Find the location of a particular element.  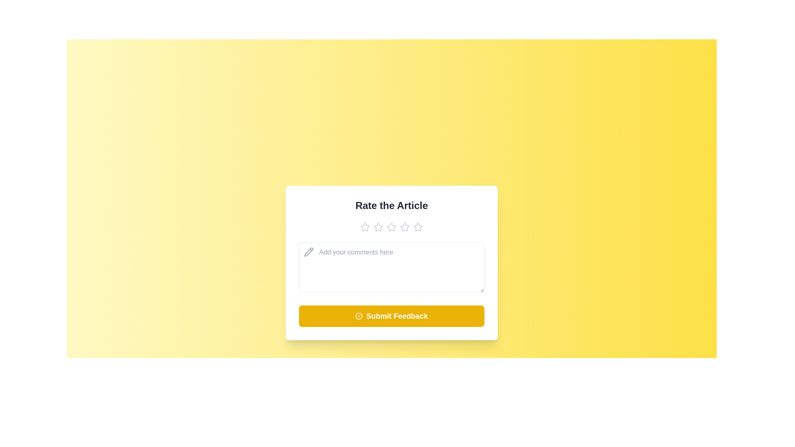

the Header text element located at the upper portion of a white panel with a yellow gradient background, which serves as a title for the rating functionality is located at coordinates (391, 205).